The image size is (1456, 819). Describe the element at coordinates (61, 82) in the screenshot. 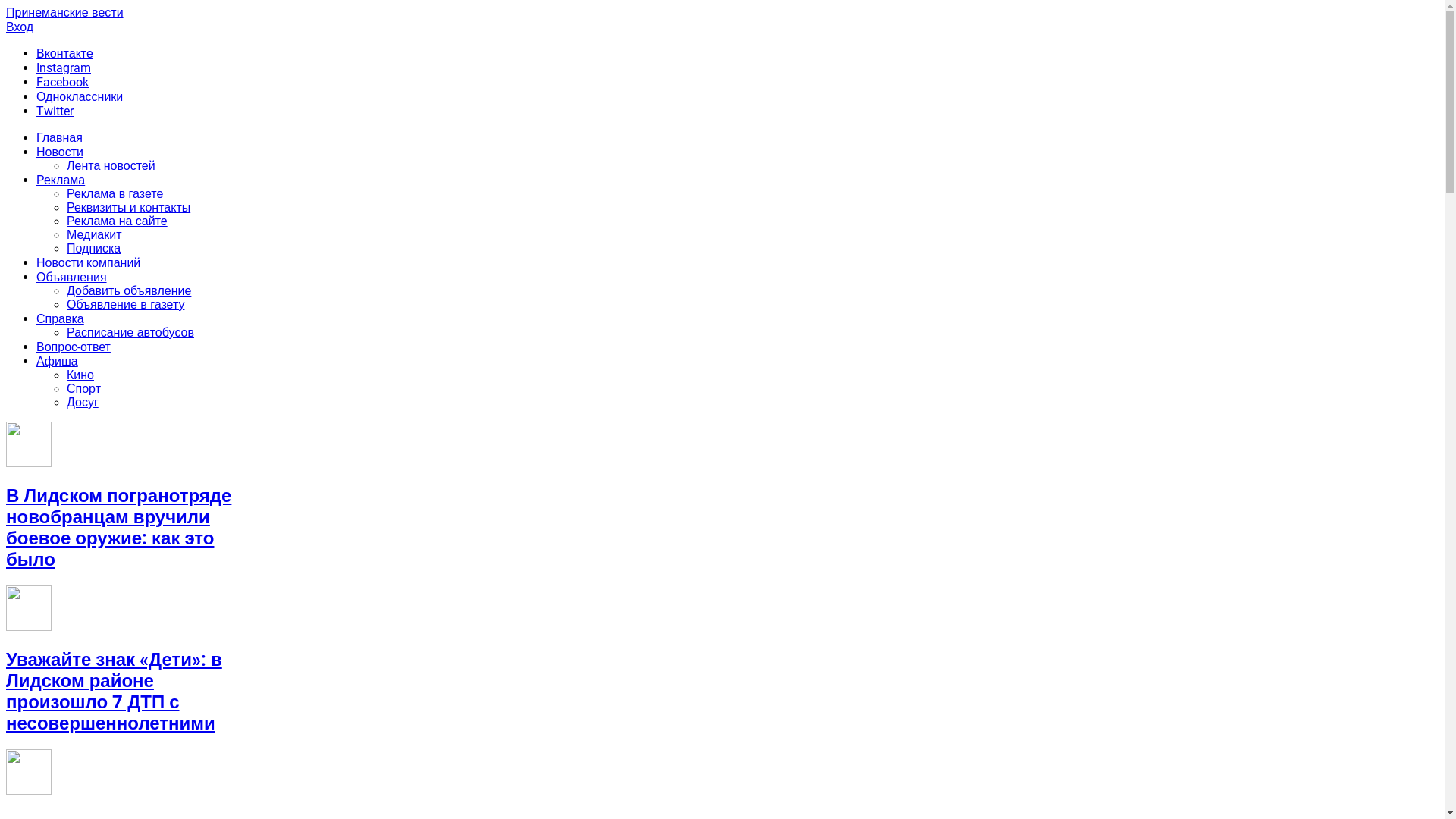

I see `'Facebook'` at that location.